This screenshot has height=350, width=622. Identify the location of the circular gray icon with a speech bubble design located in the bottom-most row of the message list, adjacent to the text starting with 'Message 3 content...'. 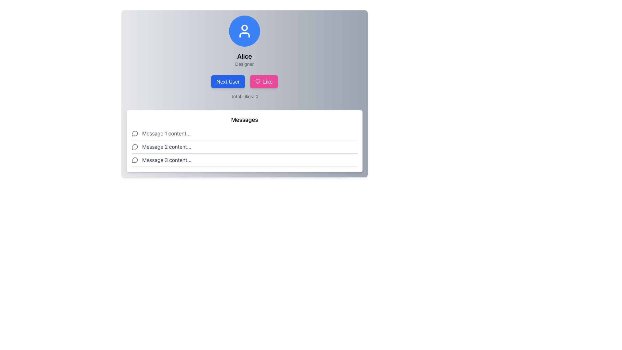
(134, 160).